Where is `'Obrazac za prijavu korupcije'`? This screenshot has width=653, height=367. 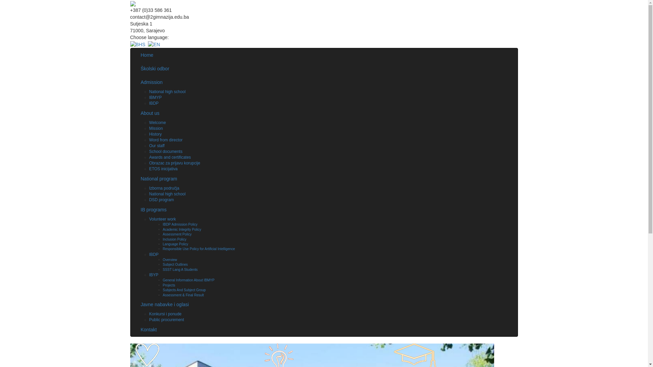 'Obrazac za prijavu korupcije' is located at coordinates (174, 163).